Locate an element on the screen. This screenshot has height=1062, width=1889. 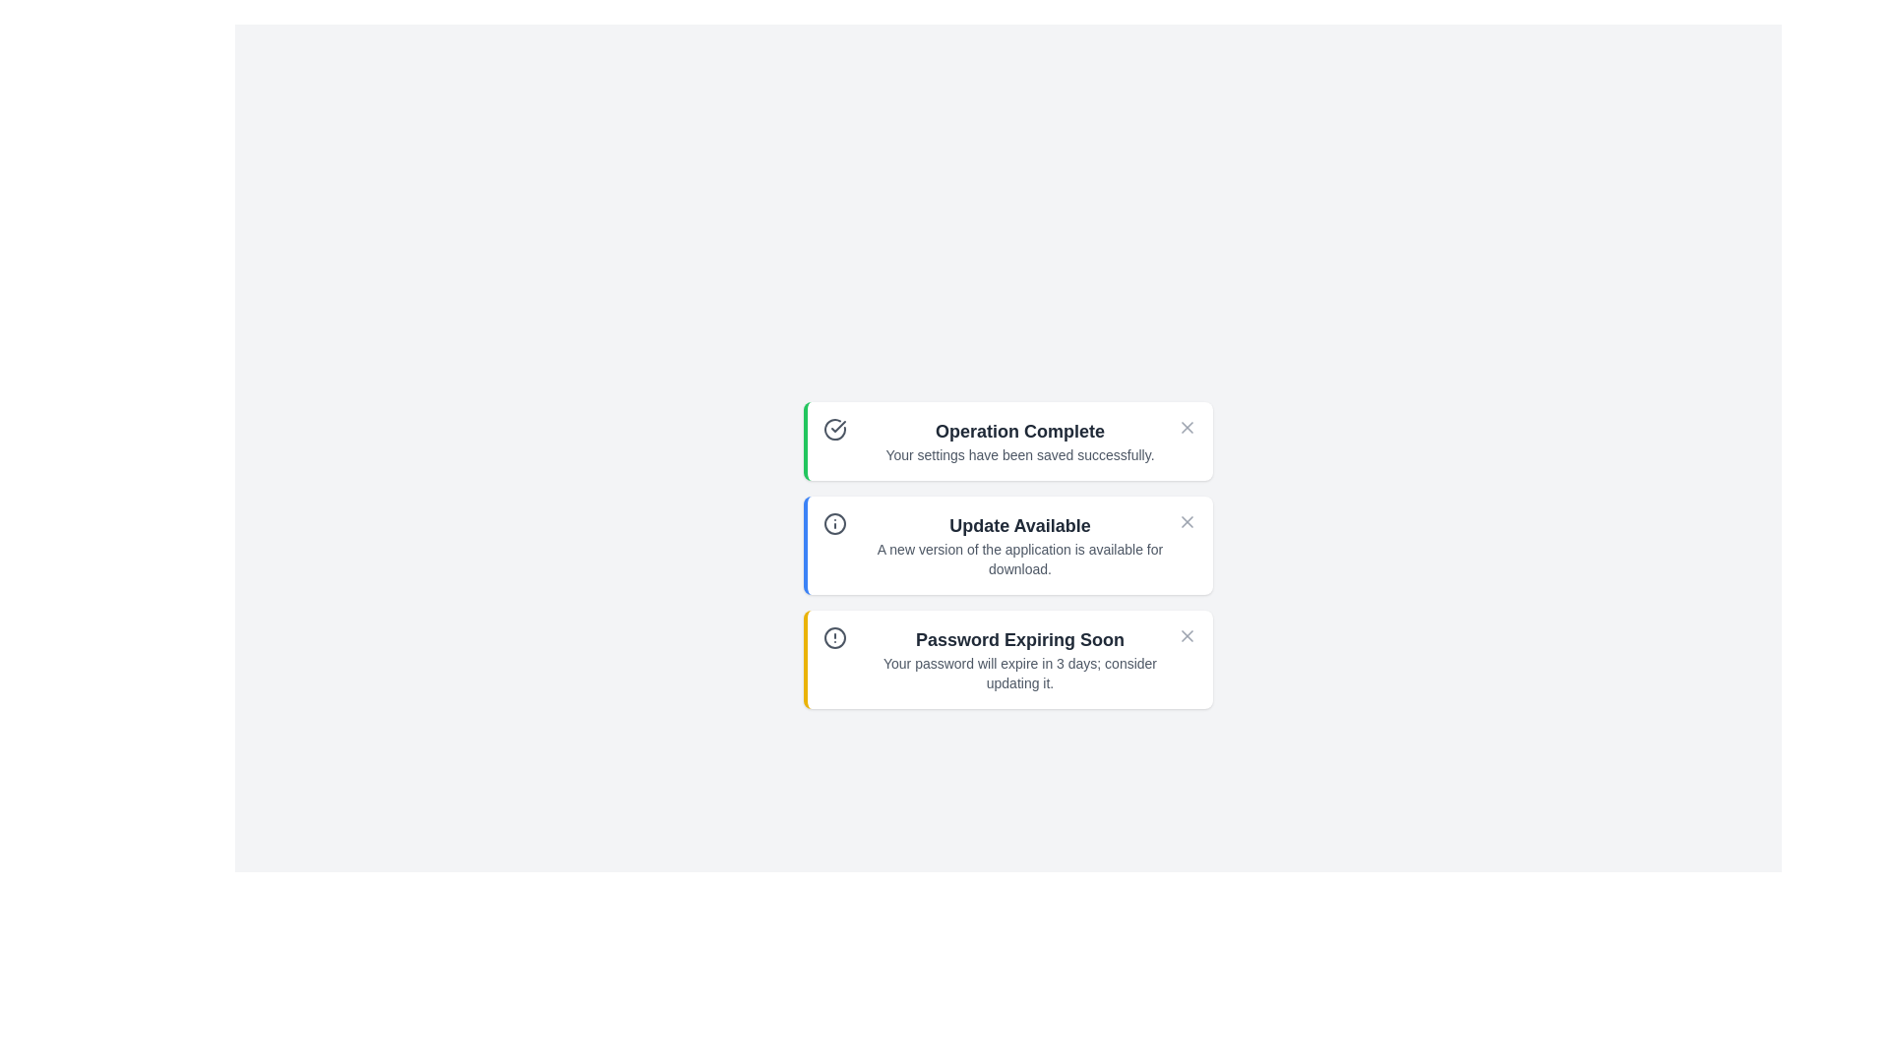
the text section with the bold title 'Update Available' that indicates a new version of the application is available for download, which is centrally aligned and has a blue border on the left is located at coordinates (1019, 546).